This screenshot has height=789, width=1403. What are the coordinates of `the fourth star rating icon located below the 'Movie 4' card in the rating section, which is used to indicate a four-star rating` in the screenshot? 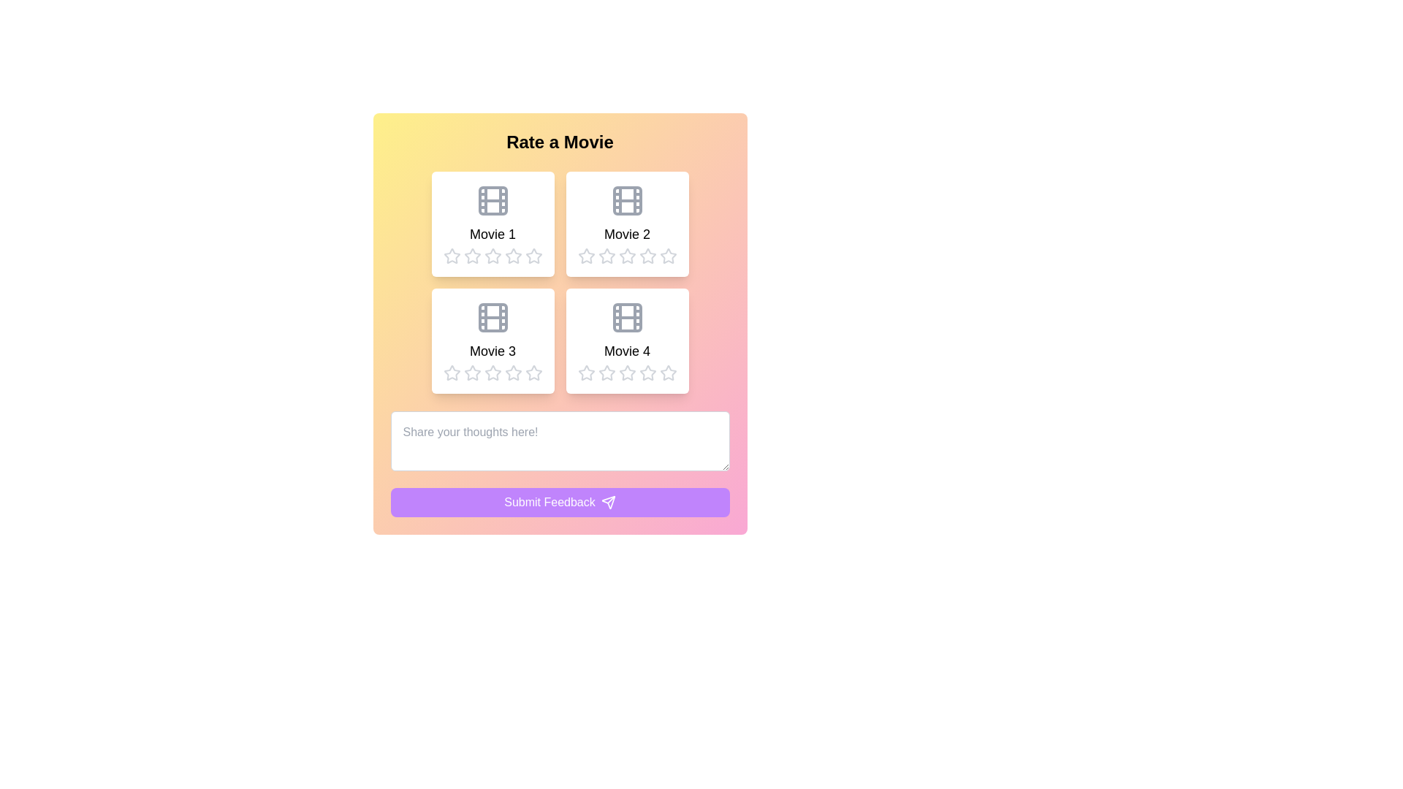 It's located at (627, 372).